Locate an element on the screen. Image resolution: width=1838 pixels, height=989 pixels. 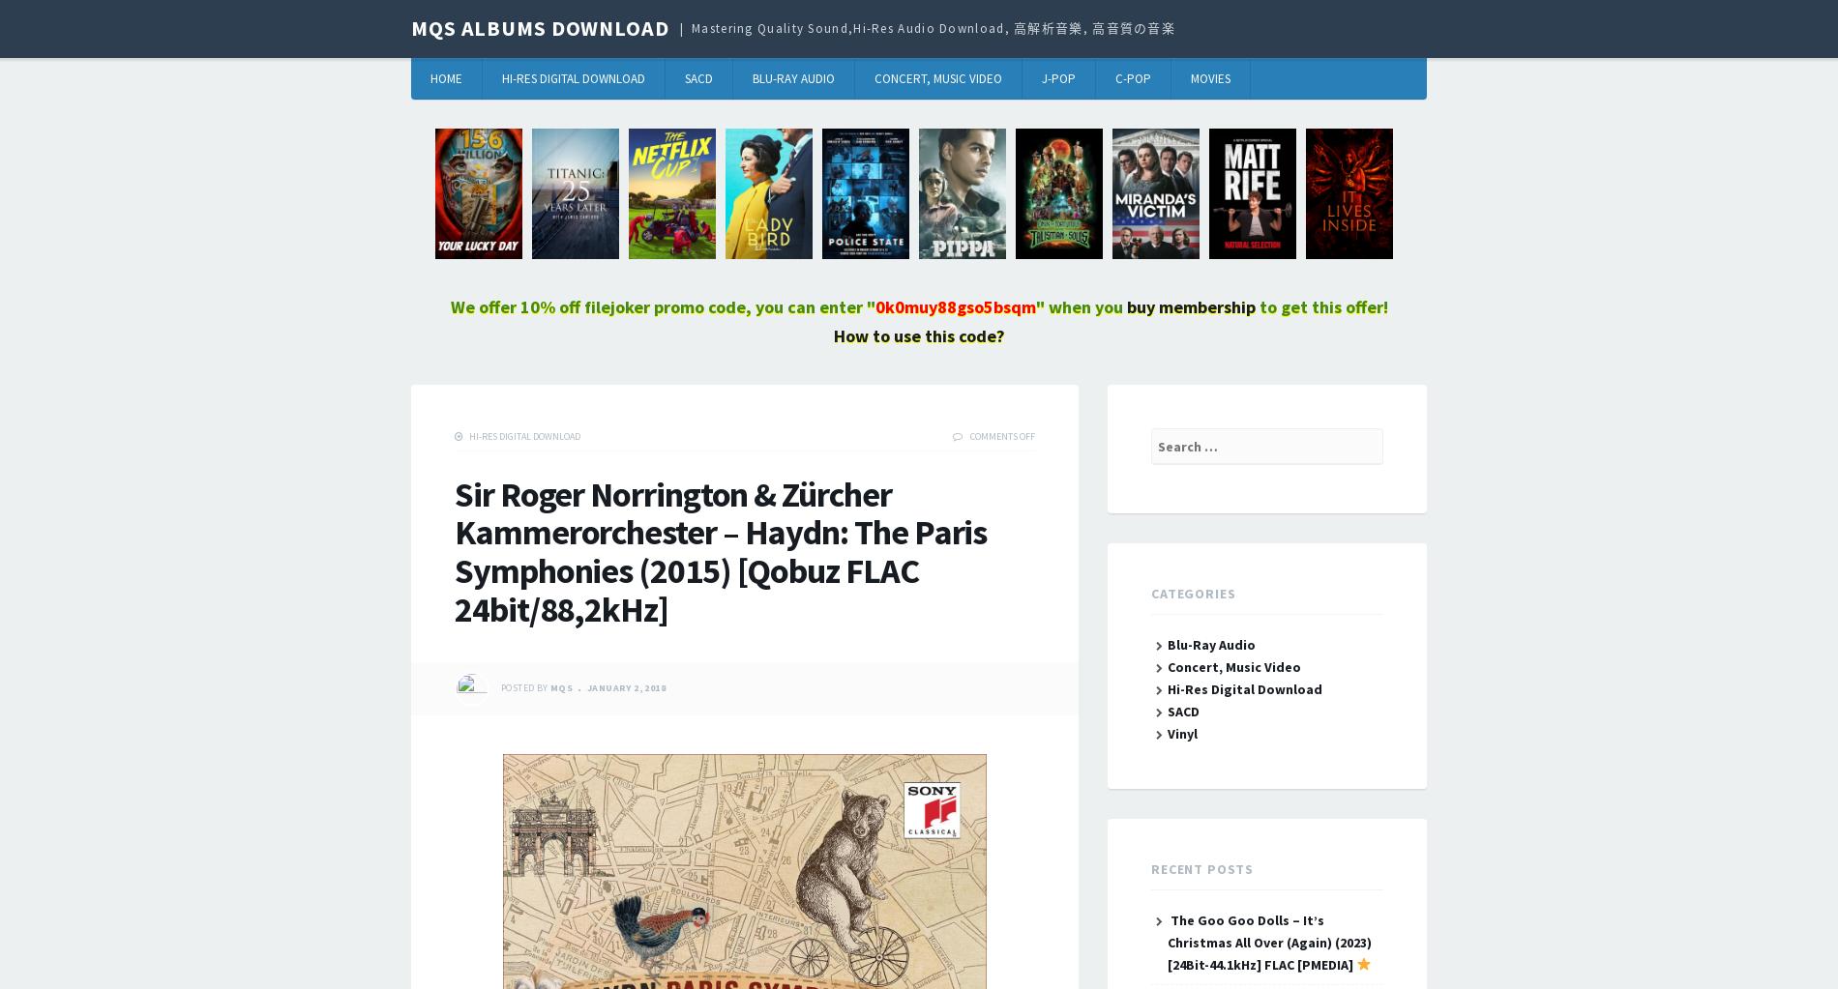
'Movies' is located at coordinates (1209, 78).